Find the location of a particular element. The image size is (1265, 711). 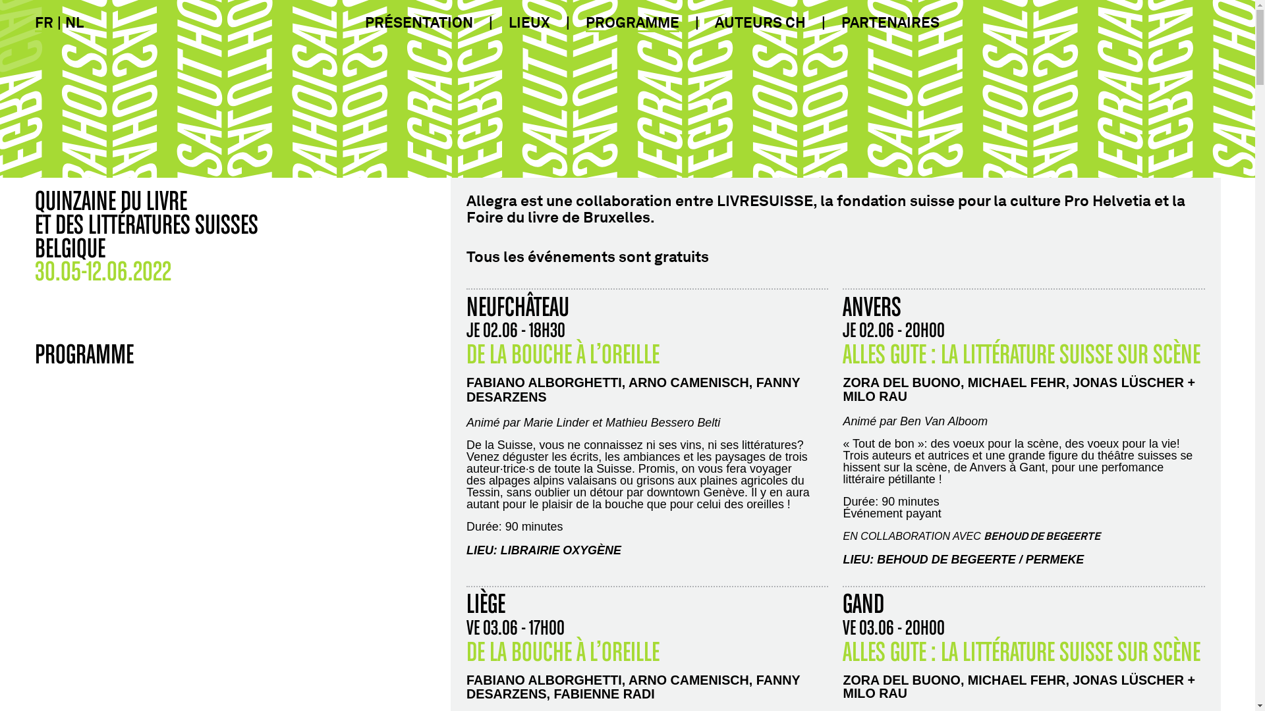

'AUTEURS CH' is located at coordinates (759, 22).